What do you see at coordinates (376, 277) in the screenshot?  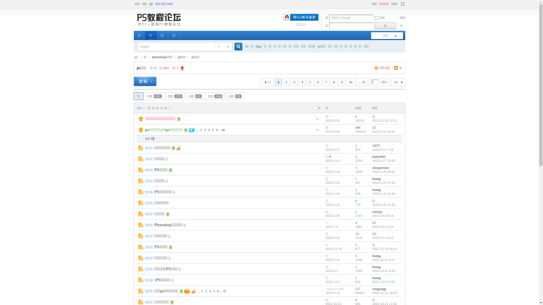 I see `'huang'` at bounding box center [376, 277].